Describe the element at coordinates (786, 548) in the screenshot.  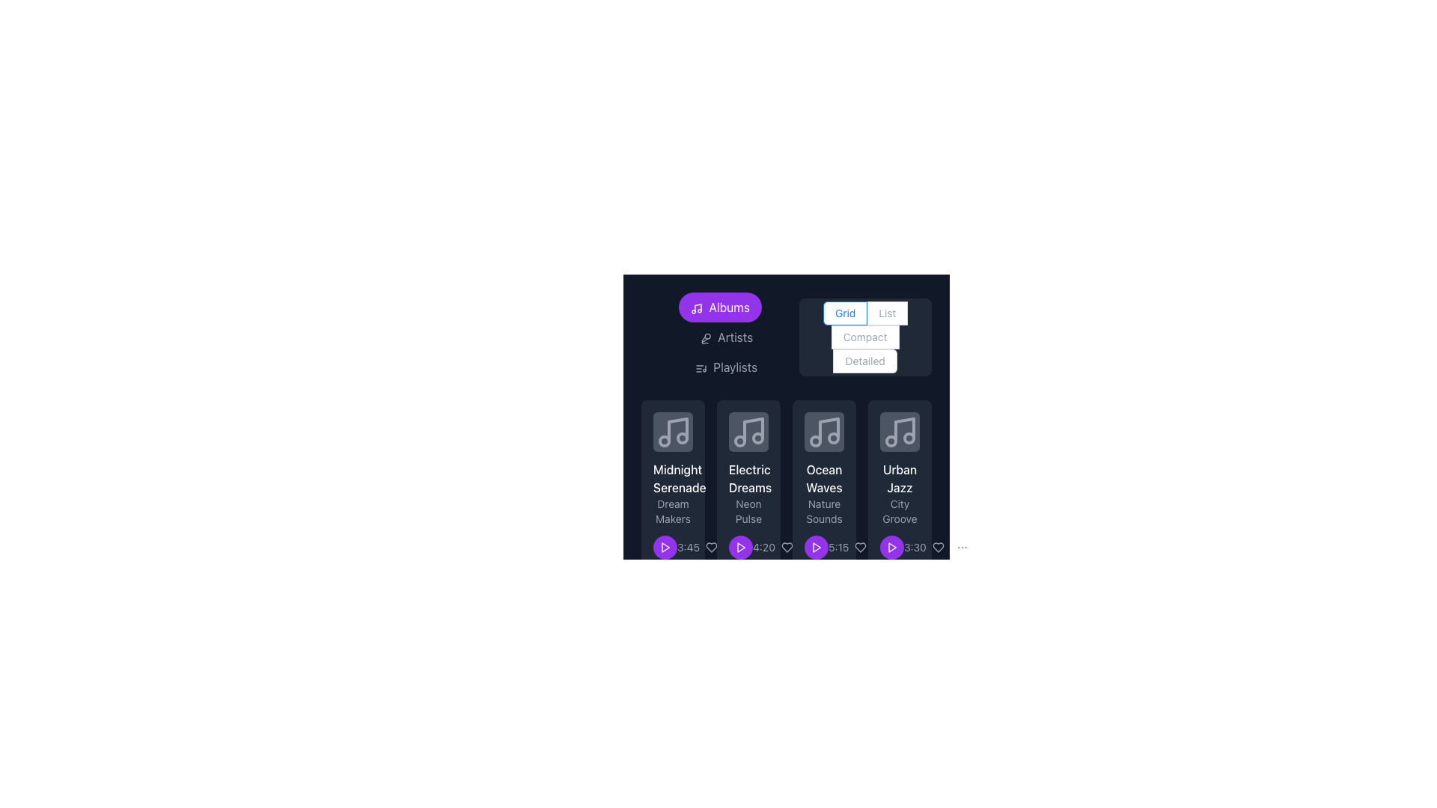
I see `the heart-shaped interactive button icon below the 'Electric Dreams' album, aligned with the text '4:20'` at that location.